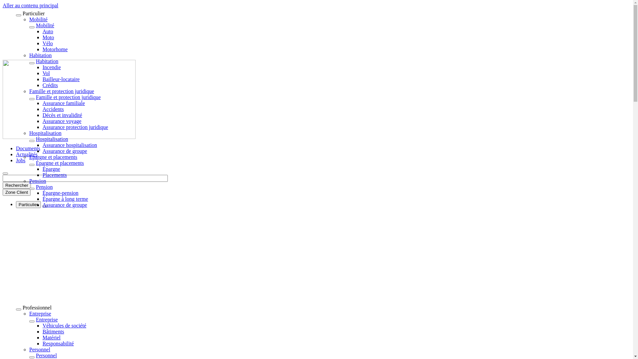 This screenshot has height=359, width=638. What do you see at coordinates (61, 91) in the screenshot?
I see `'Famille et protection juridique'` at bounding box center [61, 91].